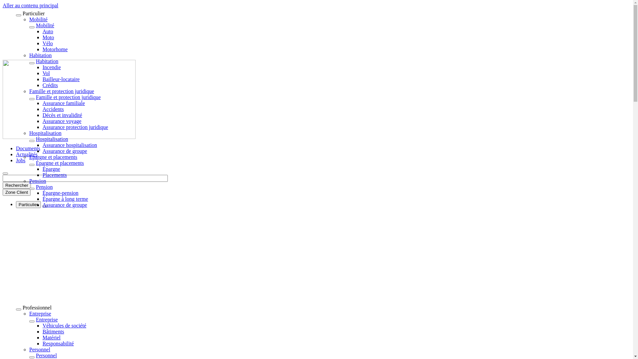 This screenshot has height=359, width=638. What do you see at coordinates (61, 91) in the screenshot?
I see `'Famille et protection juridique'` at bounding box center [61, 91].